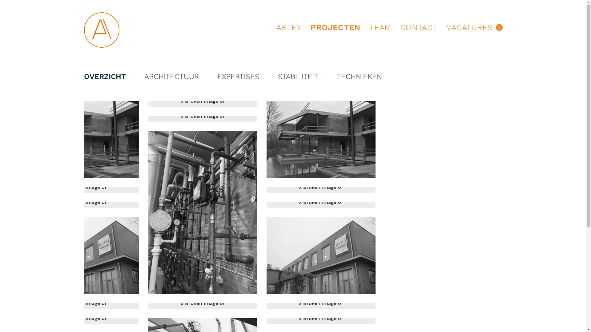 The image size is (591, 332). Describe the element at coordinates (288, 29) in the screenshot. I see `'ARTEX'` at that location.